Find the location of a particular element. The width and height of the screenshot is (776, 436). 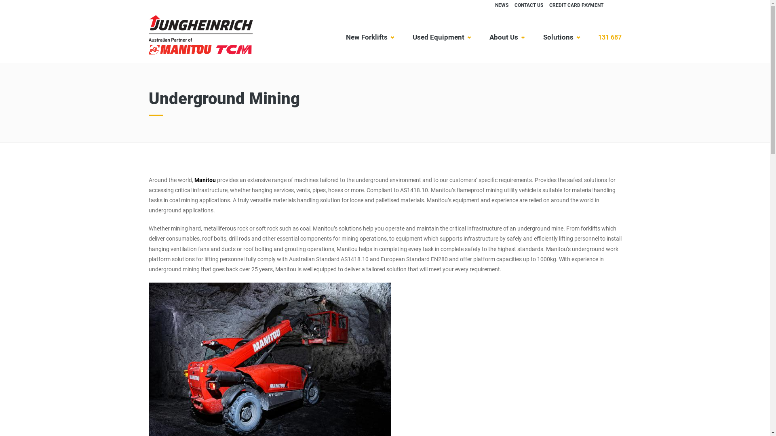

'Manitou' is located at coordinates (205, 180).